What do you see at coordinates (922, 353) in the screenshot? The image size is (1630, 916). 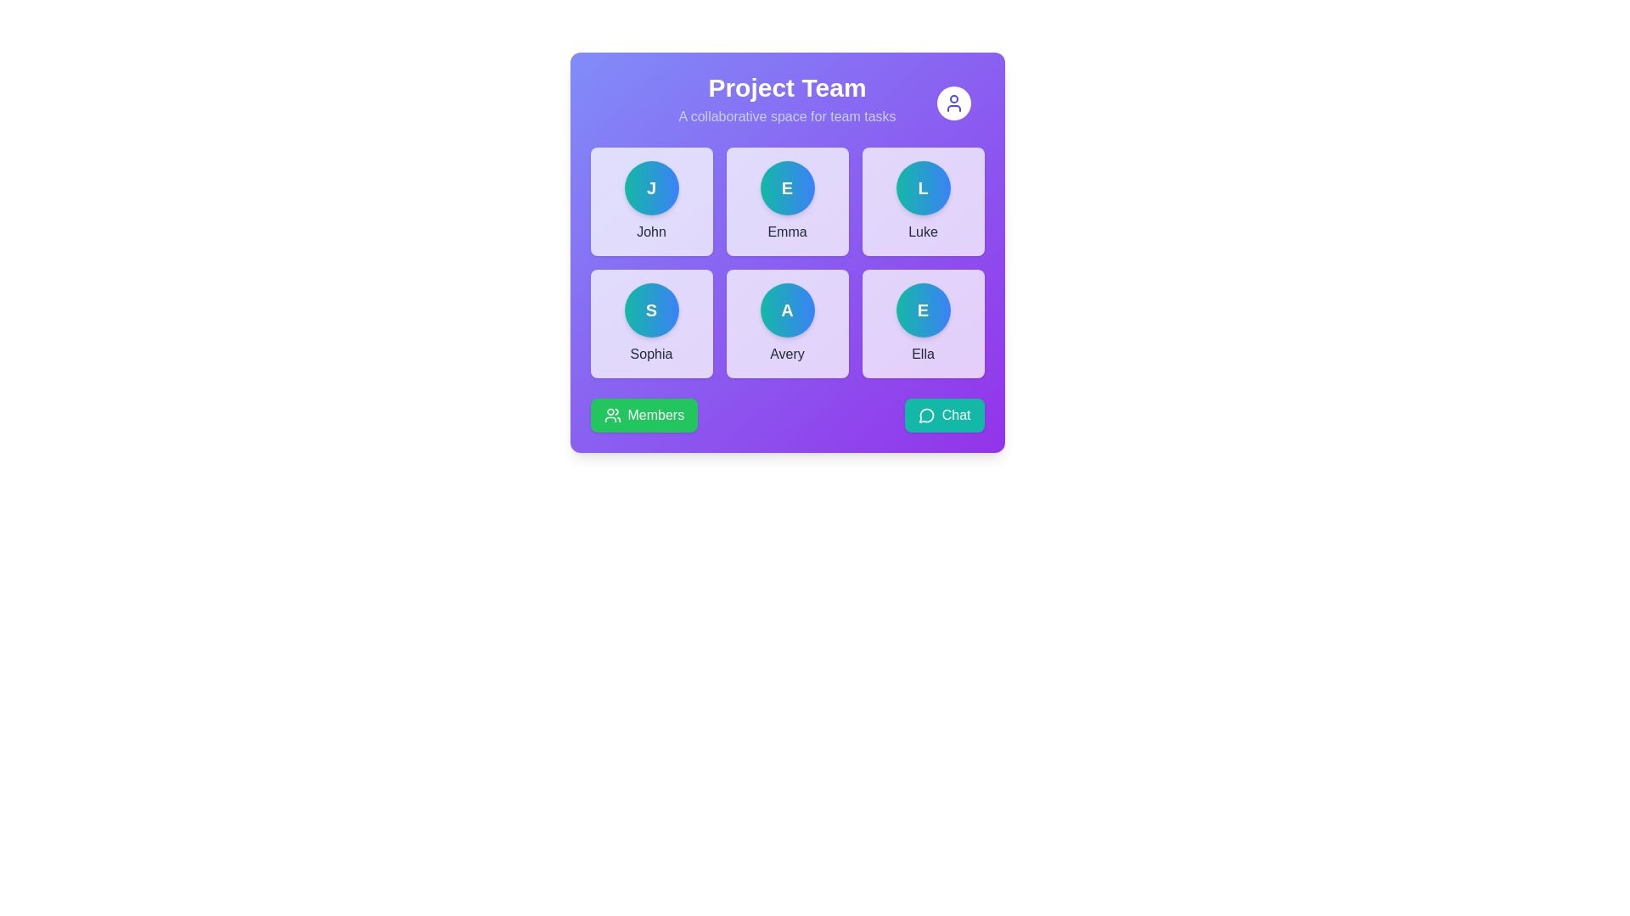 I see `the Text Label displaying 'Ella', which is a medium-sized bold dark gray text located in the bottom right section of a team card layout, beneath the rounded avatar with the initial 'E'` at bounding box center [922, 353].